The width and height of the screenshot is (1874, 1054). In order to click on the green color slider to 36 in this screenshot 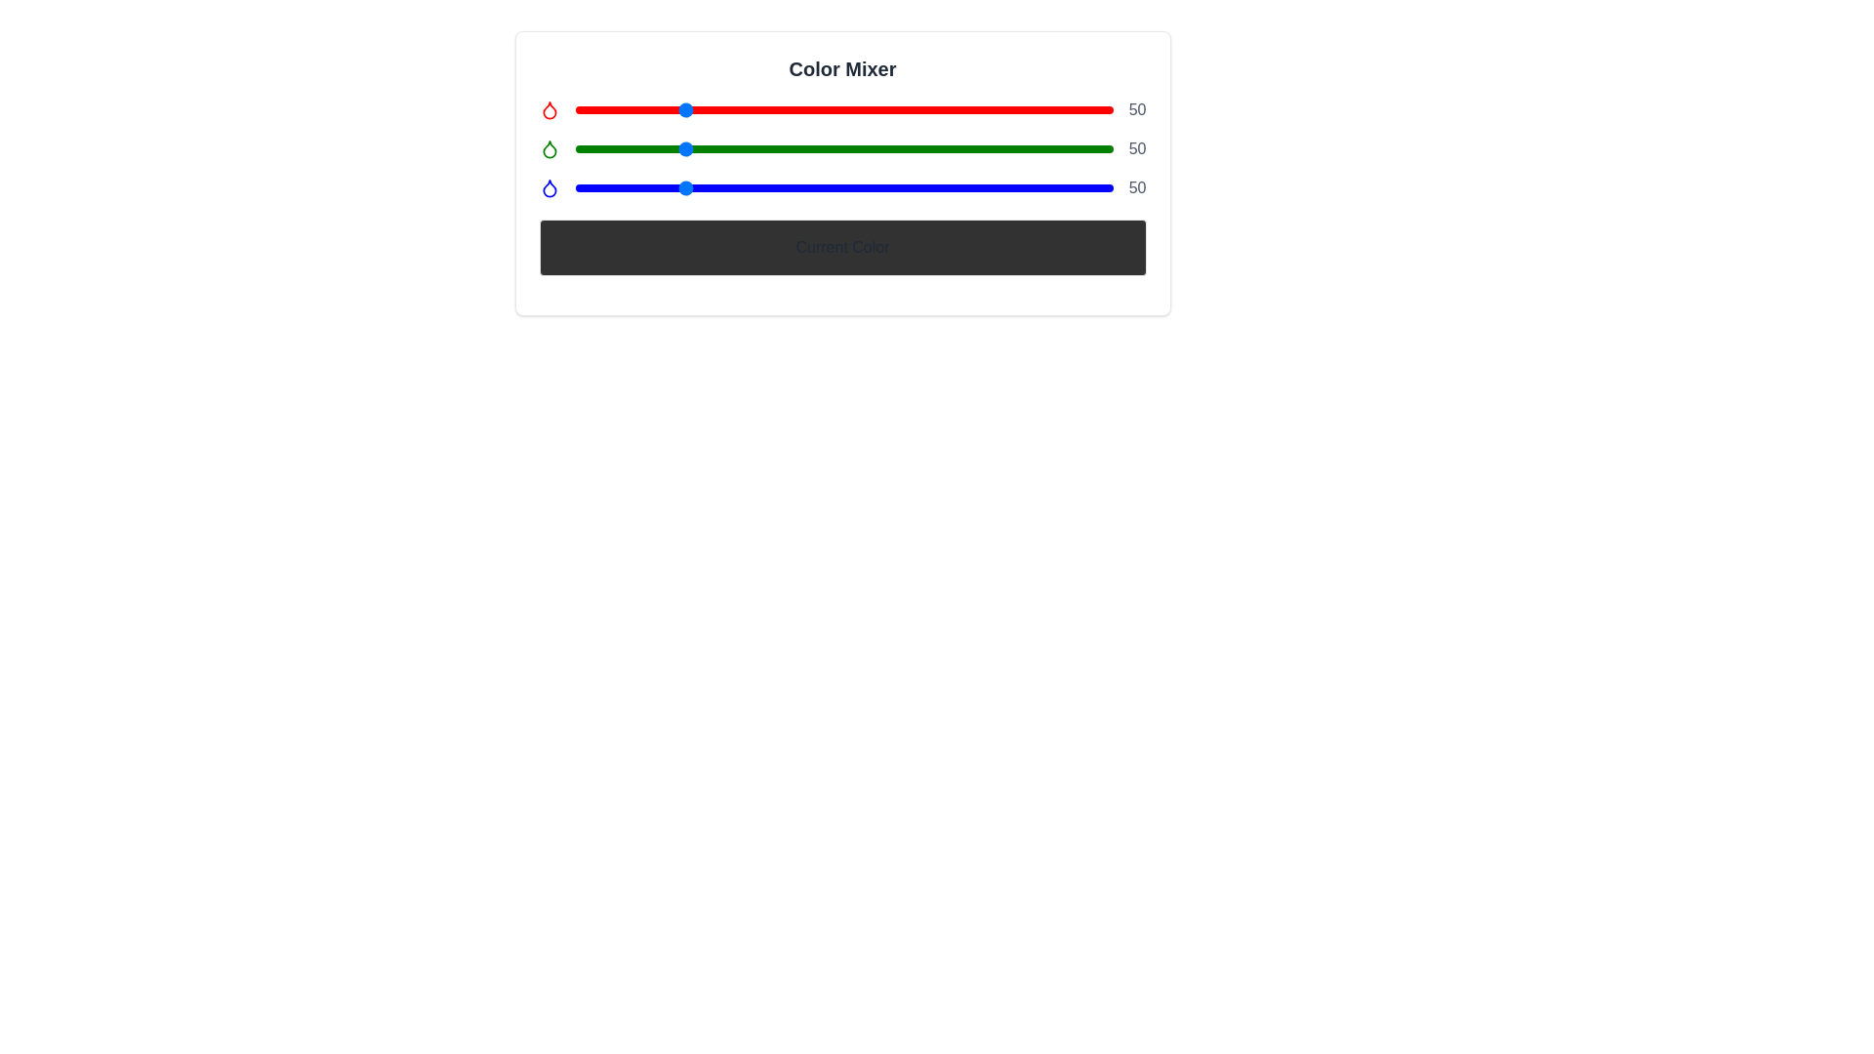, I will do `click(651, 148)`.